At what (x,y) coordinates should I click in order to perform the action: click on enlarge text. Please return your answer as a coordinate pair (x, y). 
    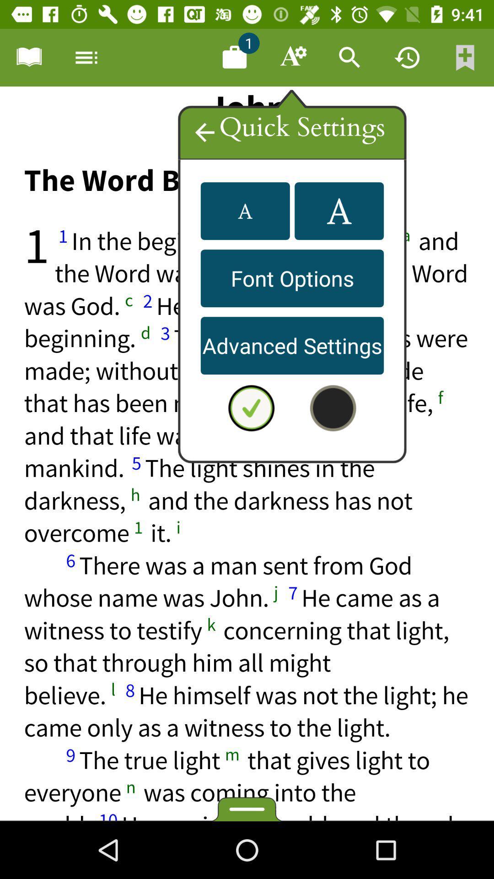
    Looking at the image, I should click on (339, 211).